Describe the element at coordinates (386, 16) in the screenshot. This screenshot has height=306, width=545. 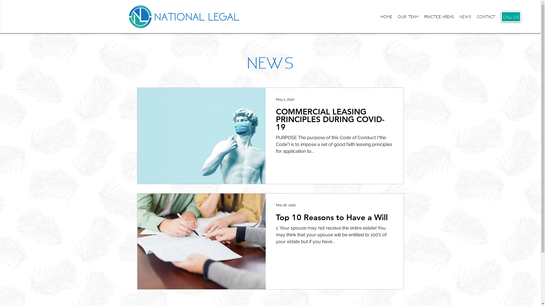
I see `'HOME'` at that location.